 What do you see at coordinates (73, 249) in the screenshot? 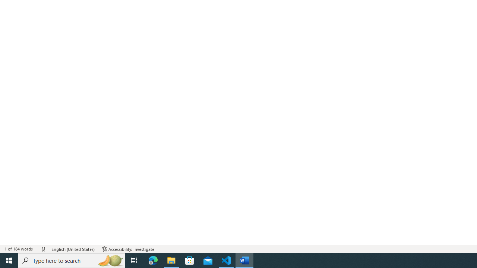
I see `'Language English (United States)'` at bounding box center [73, 249].